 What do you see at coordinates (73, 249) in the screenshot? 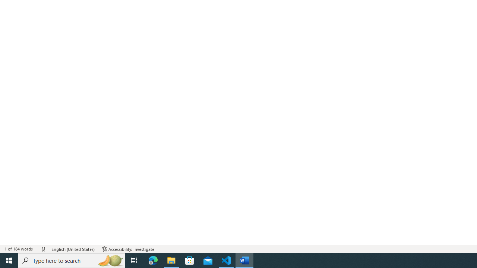
I see `'Language English (United States)'` at bounding box center [73, 249].